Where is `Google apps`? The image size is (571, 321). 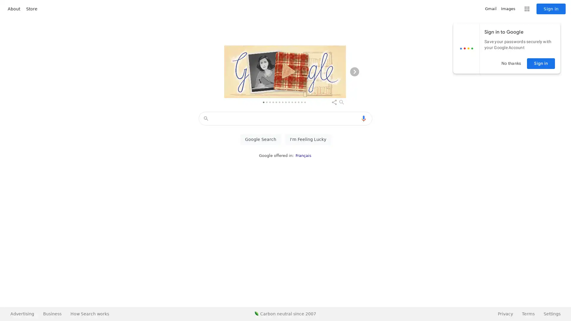 Google apps is located at coordinates (527, 9).